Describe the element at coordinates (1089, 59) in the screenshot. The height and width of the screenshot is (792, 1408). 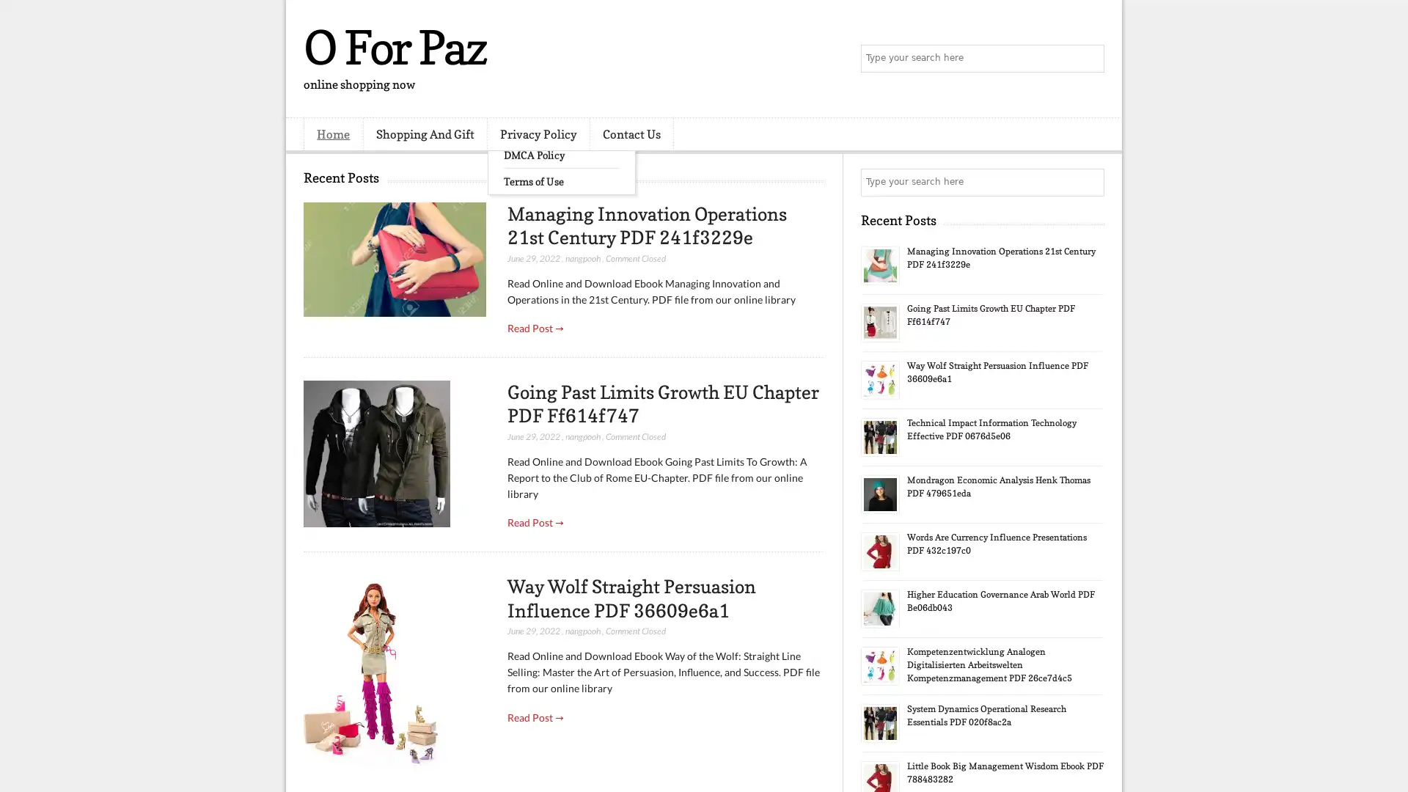
I see `Search` at that location.